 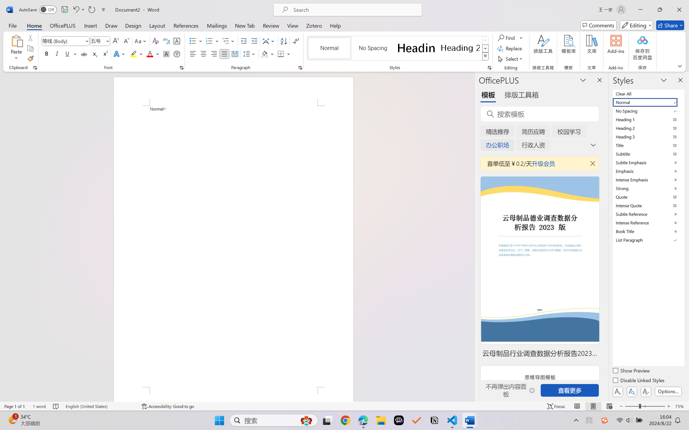 What do you see at coordinates (67, 53) in the screenshot?
I see `'Underline'` at bounding box center [67, 53].